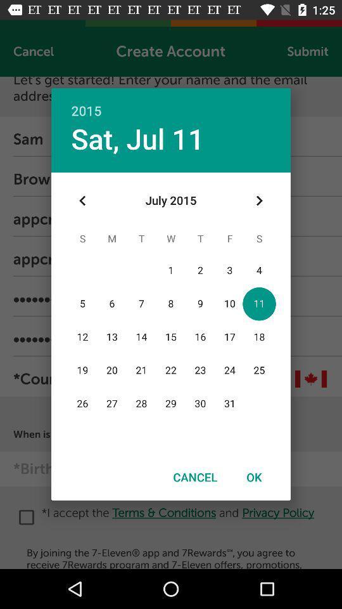 This screenshot has width=342, height=609. What do you see at coordinates (137, 138) in the screenshot?
I see `sat, jul 11` at bounding box center [137, 138].